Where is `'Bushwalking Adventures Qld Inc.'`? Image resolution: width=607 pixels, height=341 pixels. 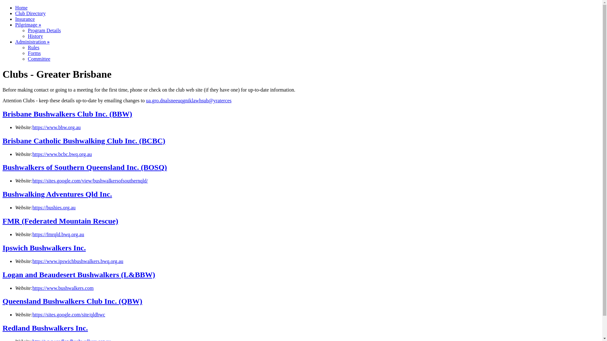 'Bushwalking Adventures Qld Inc.' is located at coordinates (57, 194).